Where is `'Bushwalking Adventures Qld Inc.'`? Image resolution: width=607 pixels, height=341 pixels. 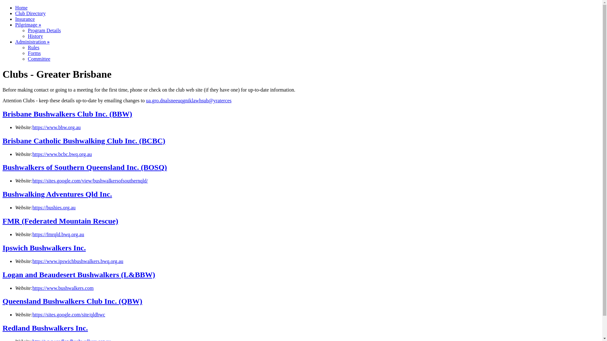 'Bushwalking Adventures Qld Inc.' is located at coordinates (57, 194).